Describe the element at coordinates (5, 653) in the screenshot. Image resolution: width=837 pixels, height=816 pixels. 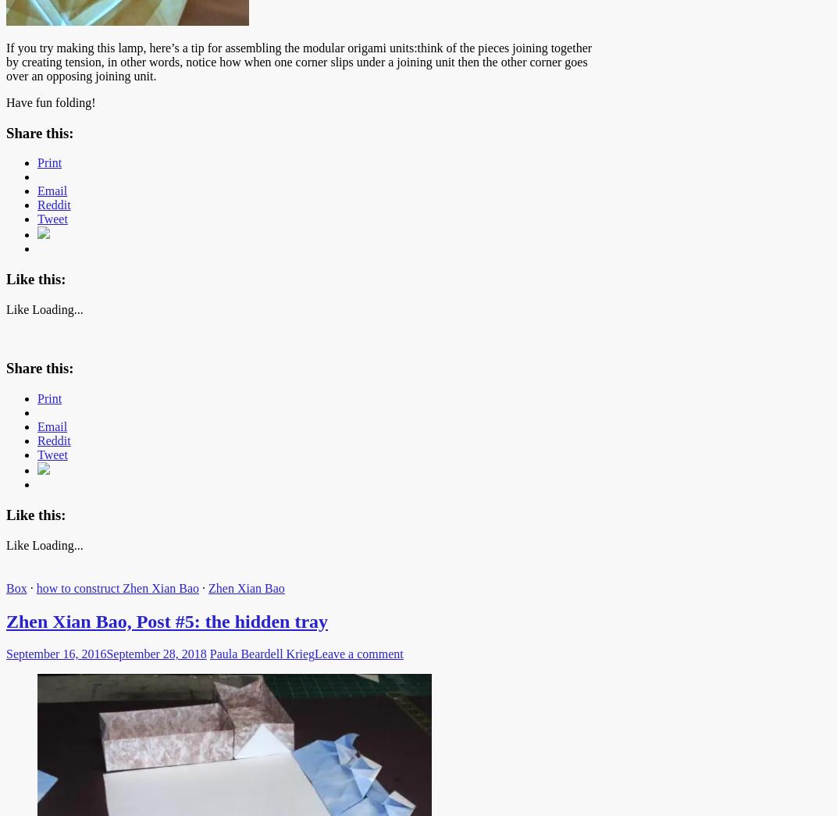
I see `'September 16, 2016'` at that location.